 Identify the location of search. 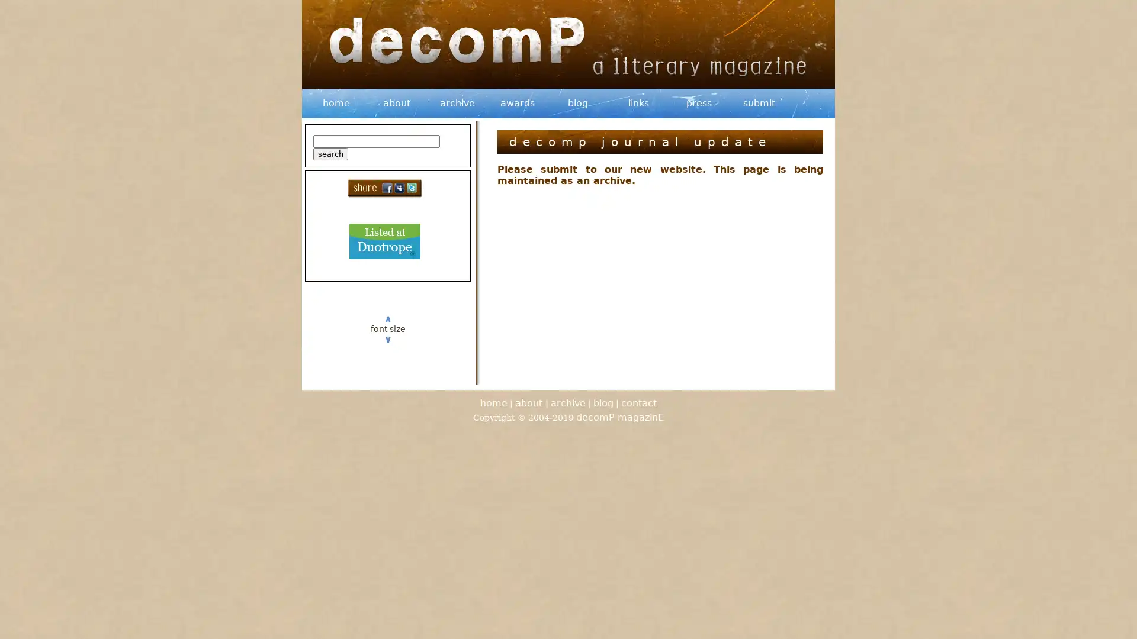
(330, 153).